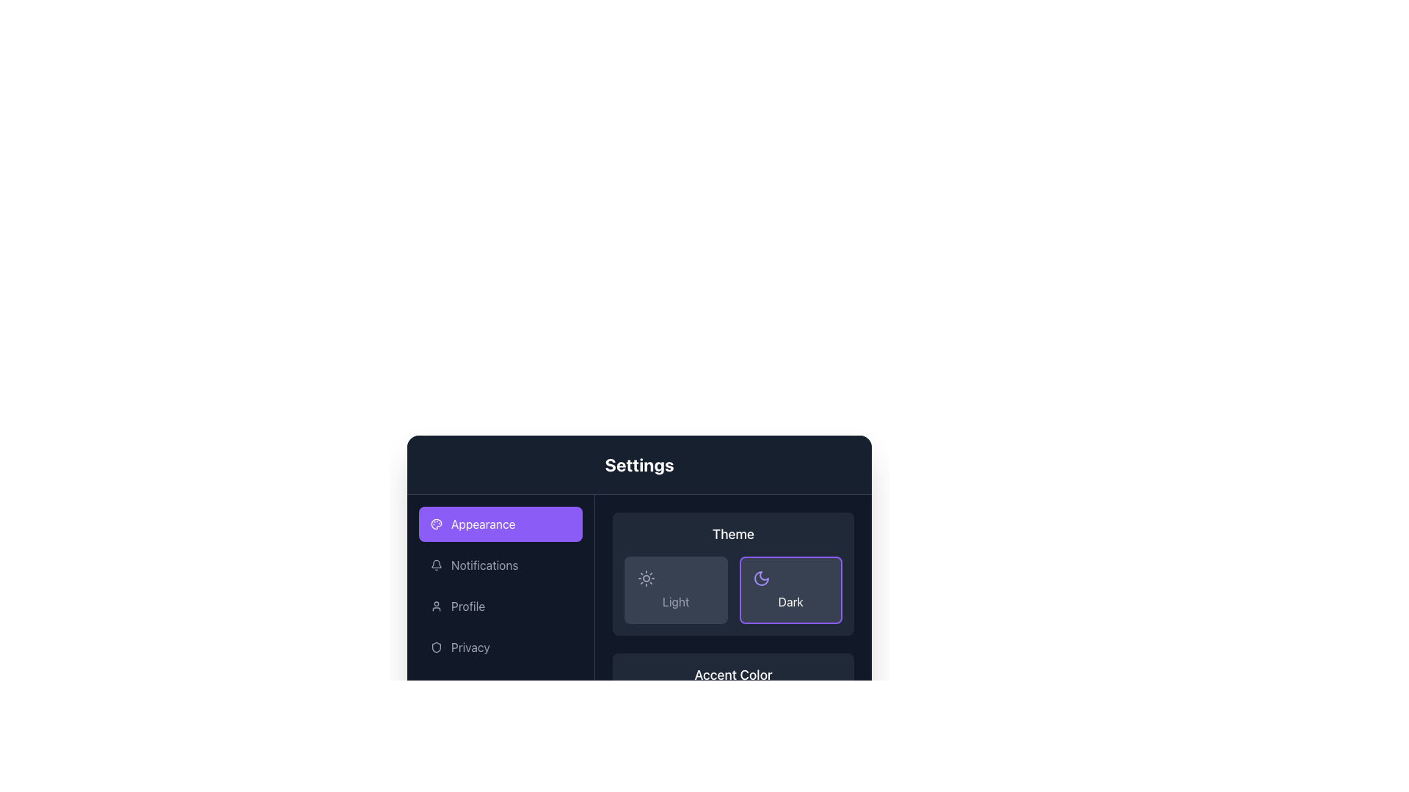 This screenshot has width=1409, height=792. What do you see at coordinates (733, 590) in the screenshot?
I see `the segmented control options for the theme selector located under the 'Theme' heading in the settings interface to receive additional feedback` at bounding box center [733, 590].